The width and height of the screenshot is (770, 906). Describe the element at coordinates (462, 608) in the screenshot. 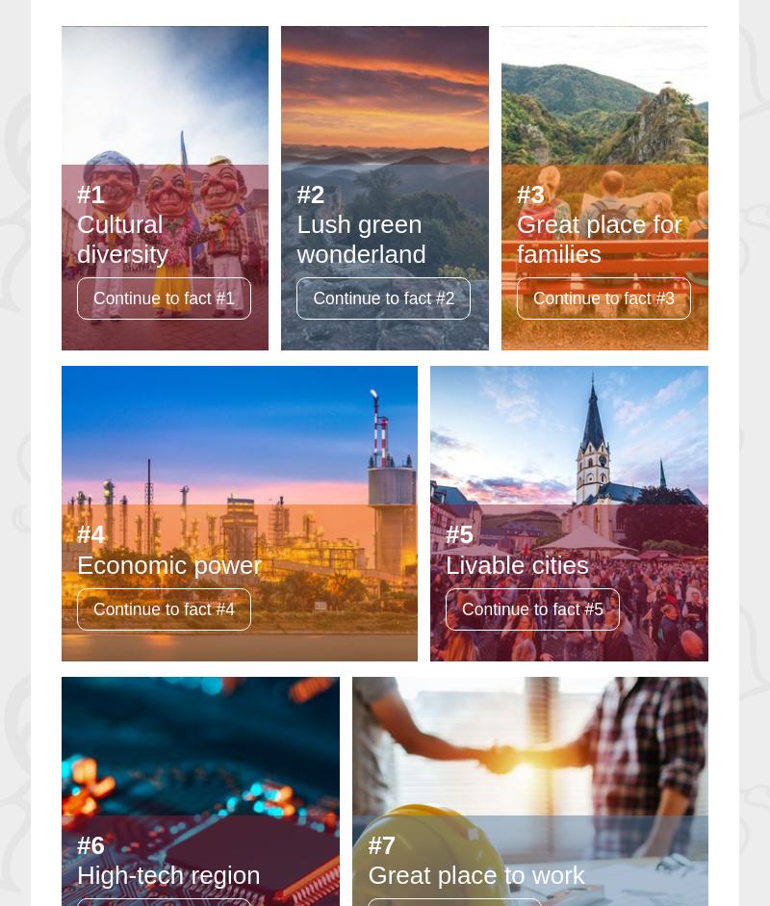

I see `'Continue to fact #5'` at that location.